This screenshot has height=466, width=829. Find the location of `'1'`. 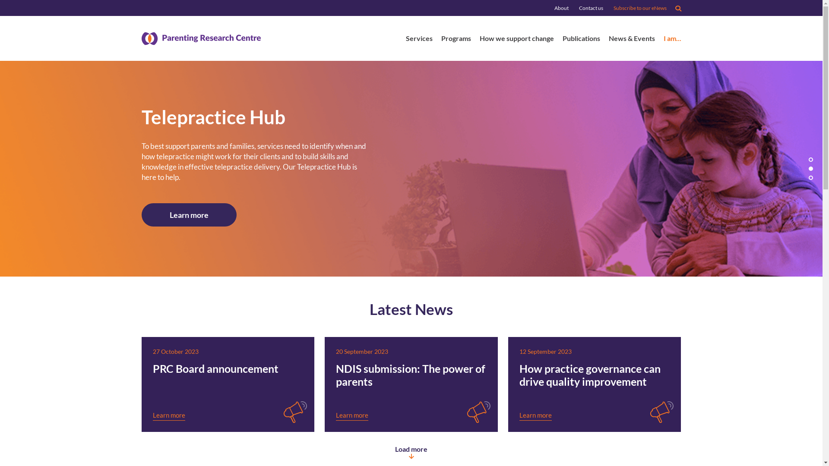

'1' is located at coordinates (810, 160).